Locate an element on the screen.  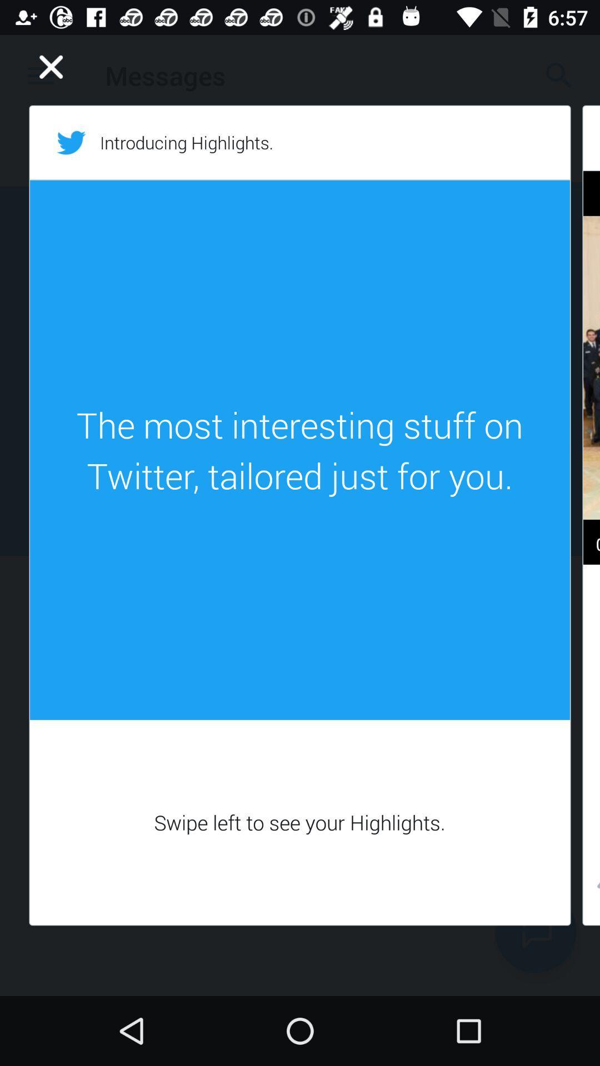
7,232 is located at coordinates (591, 888).